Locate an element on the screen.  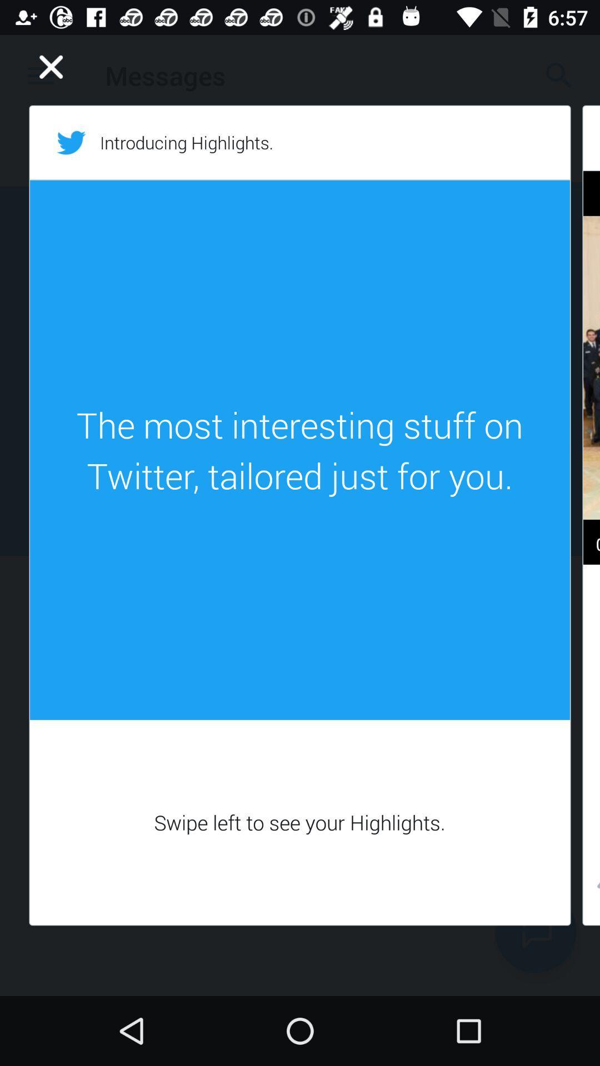
7,232 is located at coordinates (591, 888).